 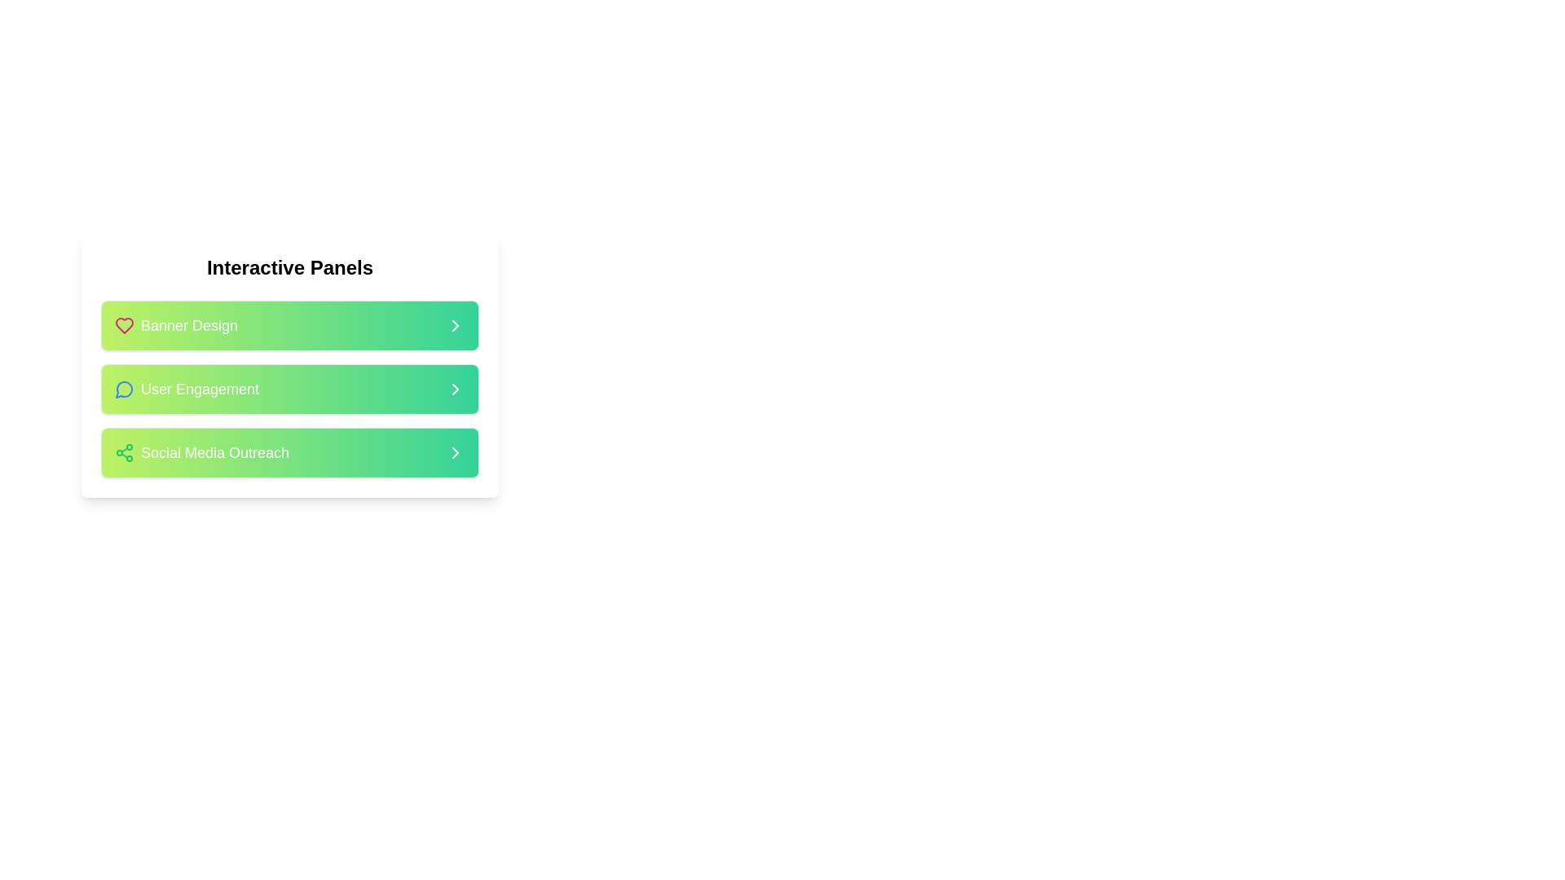 What do you see at coordinates (289, 452) in the screenshot?
I see `the green rectangular button labeled 'Social Media Outreach'` at bounding box center [289, 452].